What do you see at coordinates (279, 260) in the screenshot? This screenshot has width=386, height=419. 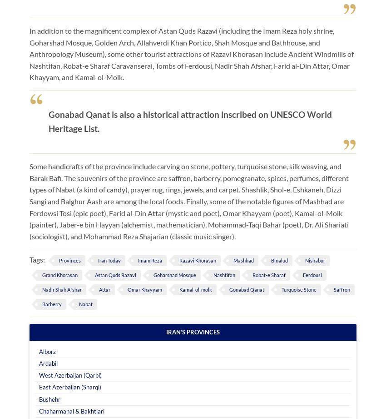 I see `'Binalud'` at bounding box center [279, 260].